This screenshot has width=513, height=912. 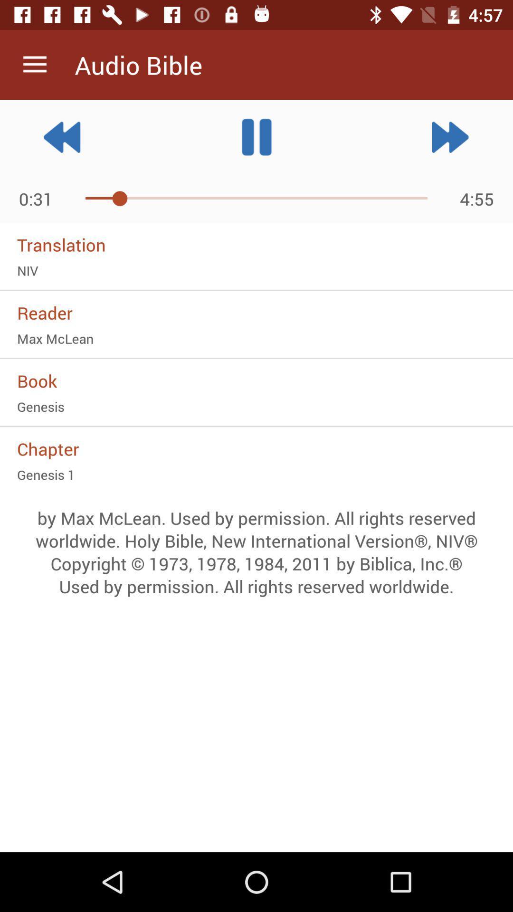 What do you see at coordinates (256, 380) in the screenshot?
I see `icon above genesis item` at bounding box center [256, 380].